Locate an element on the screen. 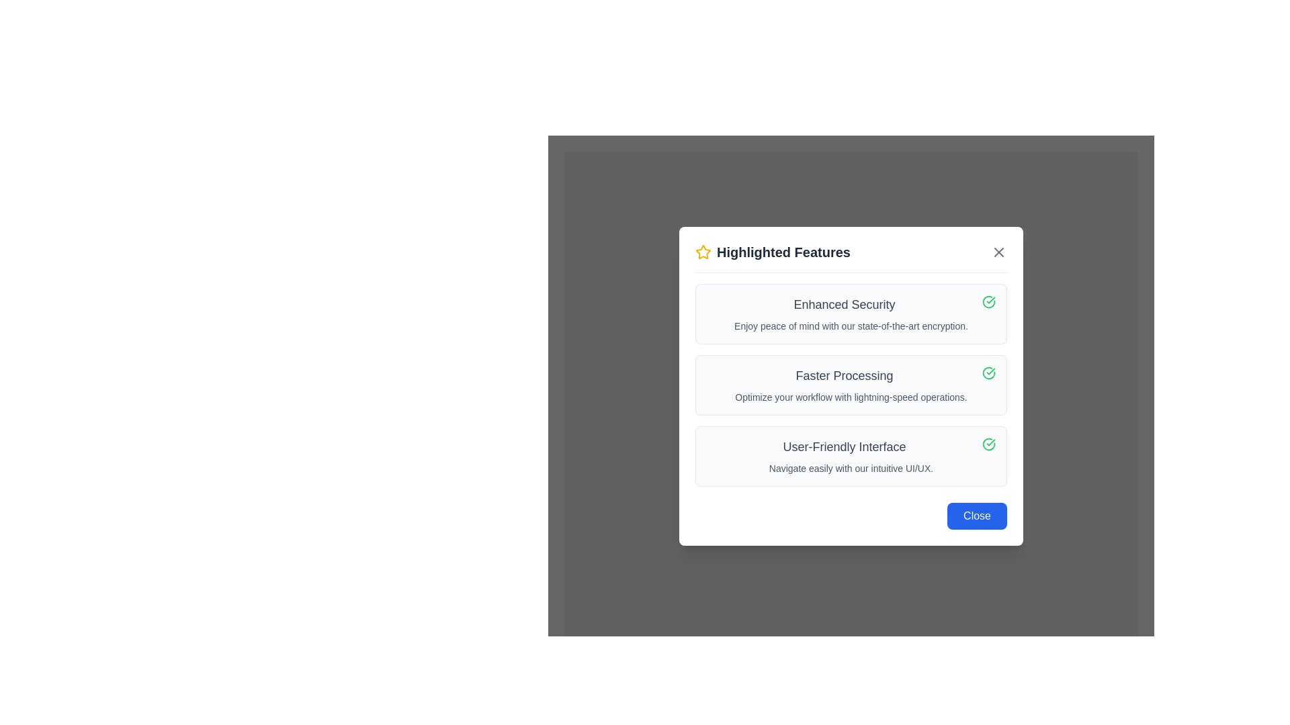  the text label that serves as the title for the 'Faster Processing' feature, which is the second feature in the list of highlighted features is located at coordinates (851, 375).